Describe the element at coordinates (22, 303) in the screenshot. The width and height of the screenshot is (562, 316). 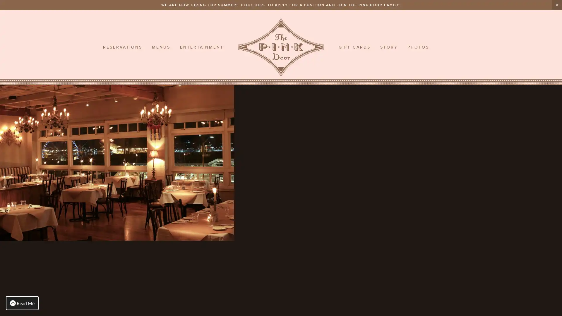
I see `Read Me` at that location.